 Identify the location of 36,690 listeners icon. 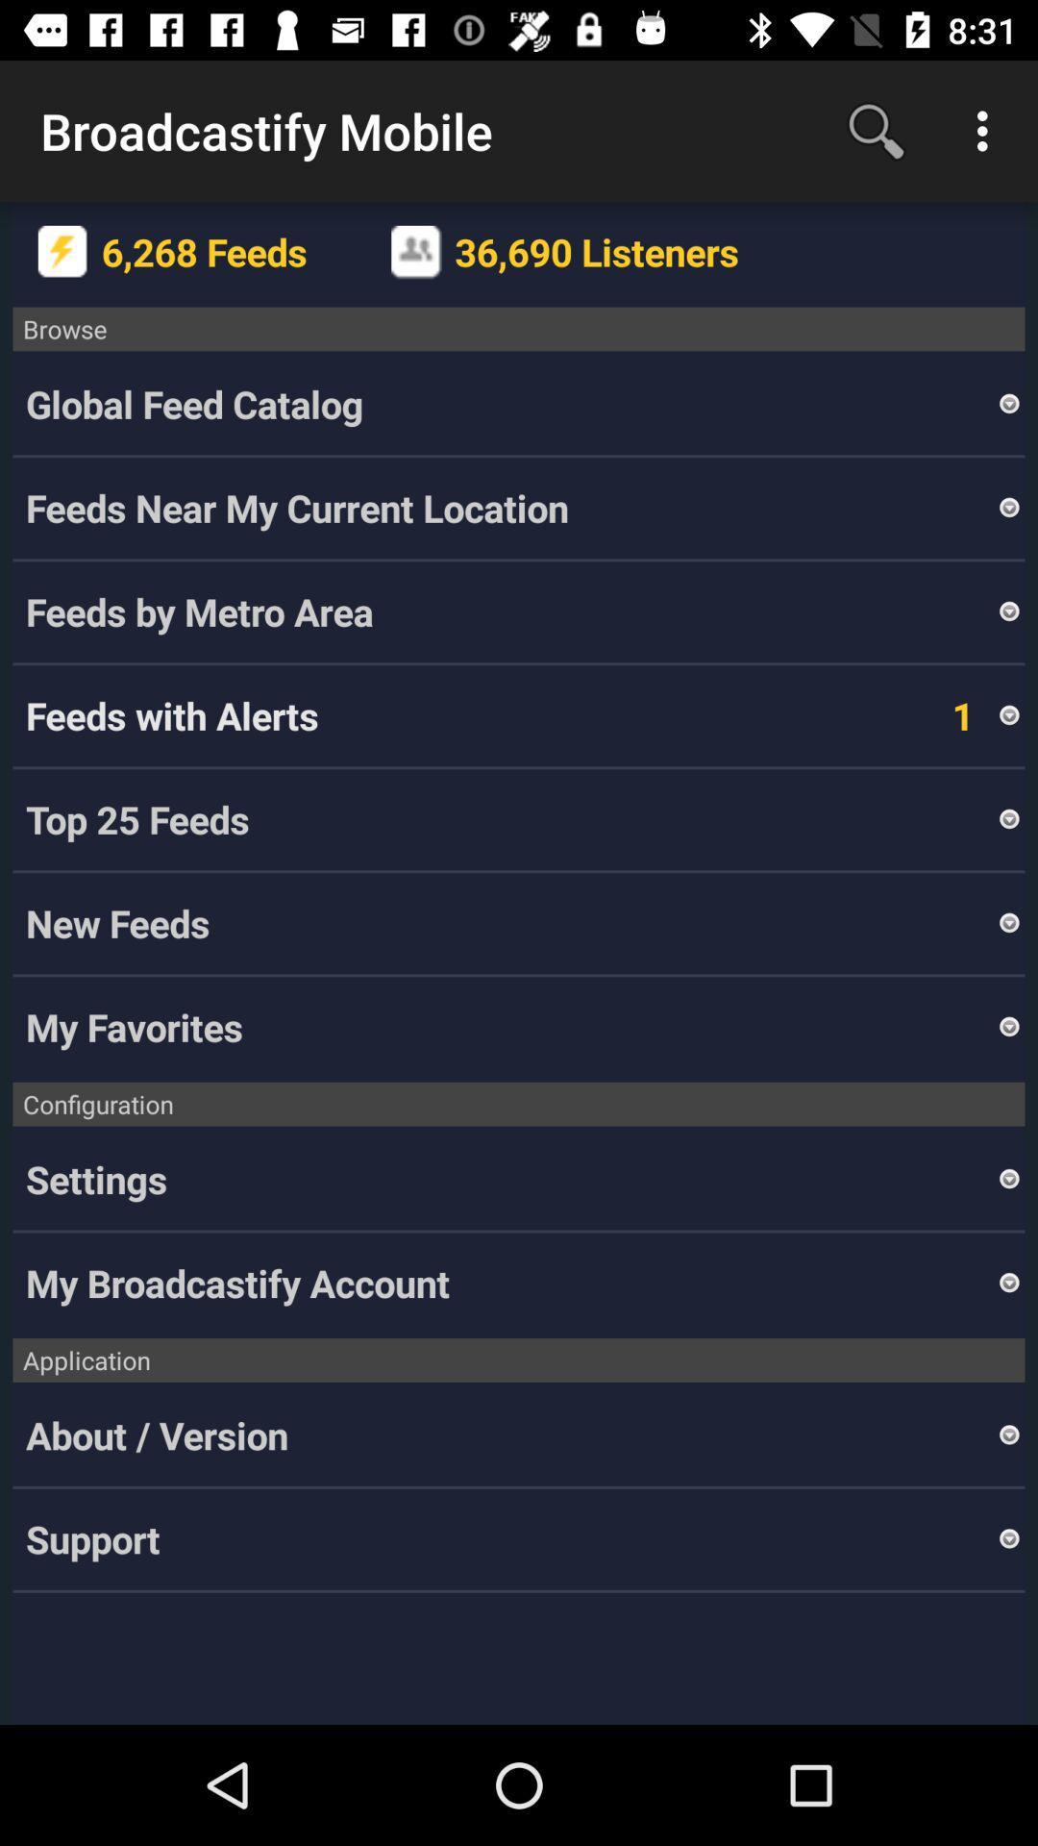
(612, 251).